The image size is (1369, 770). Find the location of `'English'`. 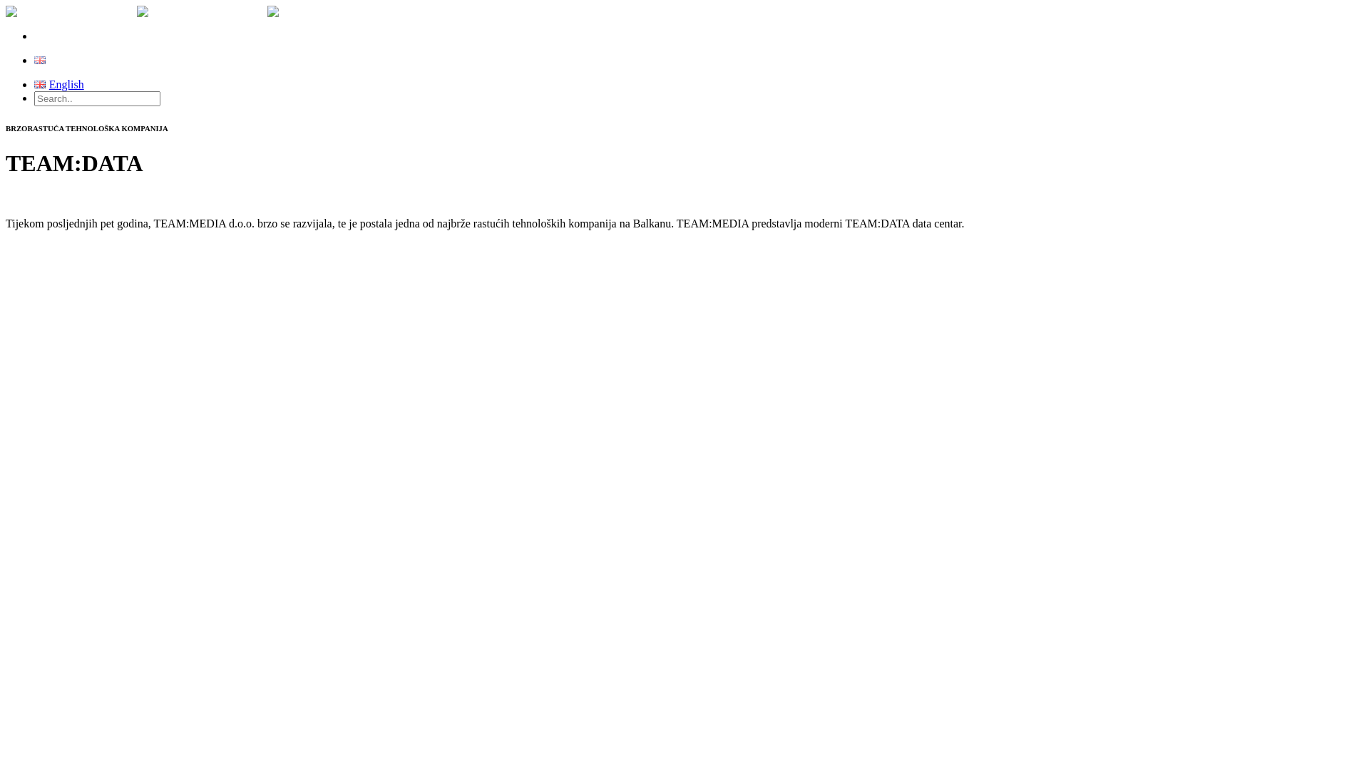

'English' is located at coordinates (40, 59).